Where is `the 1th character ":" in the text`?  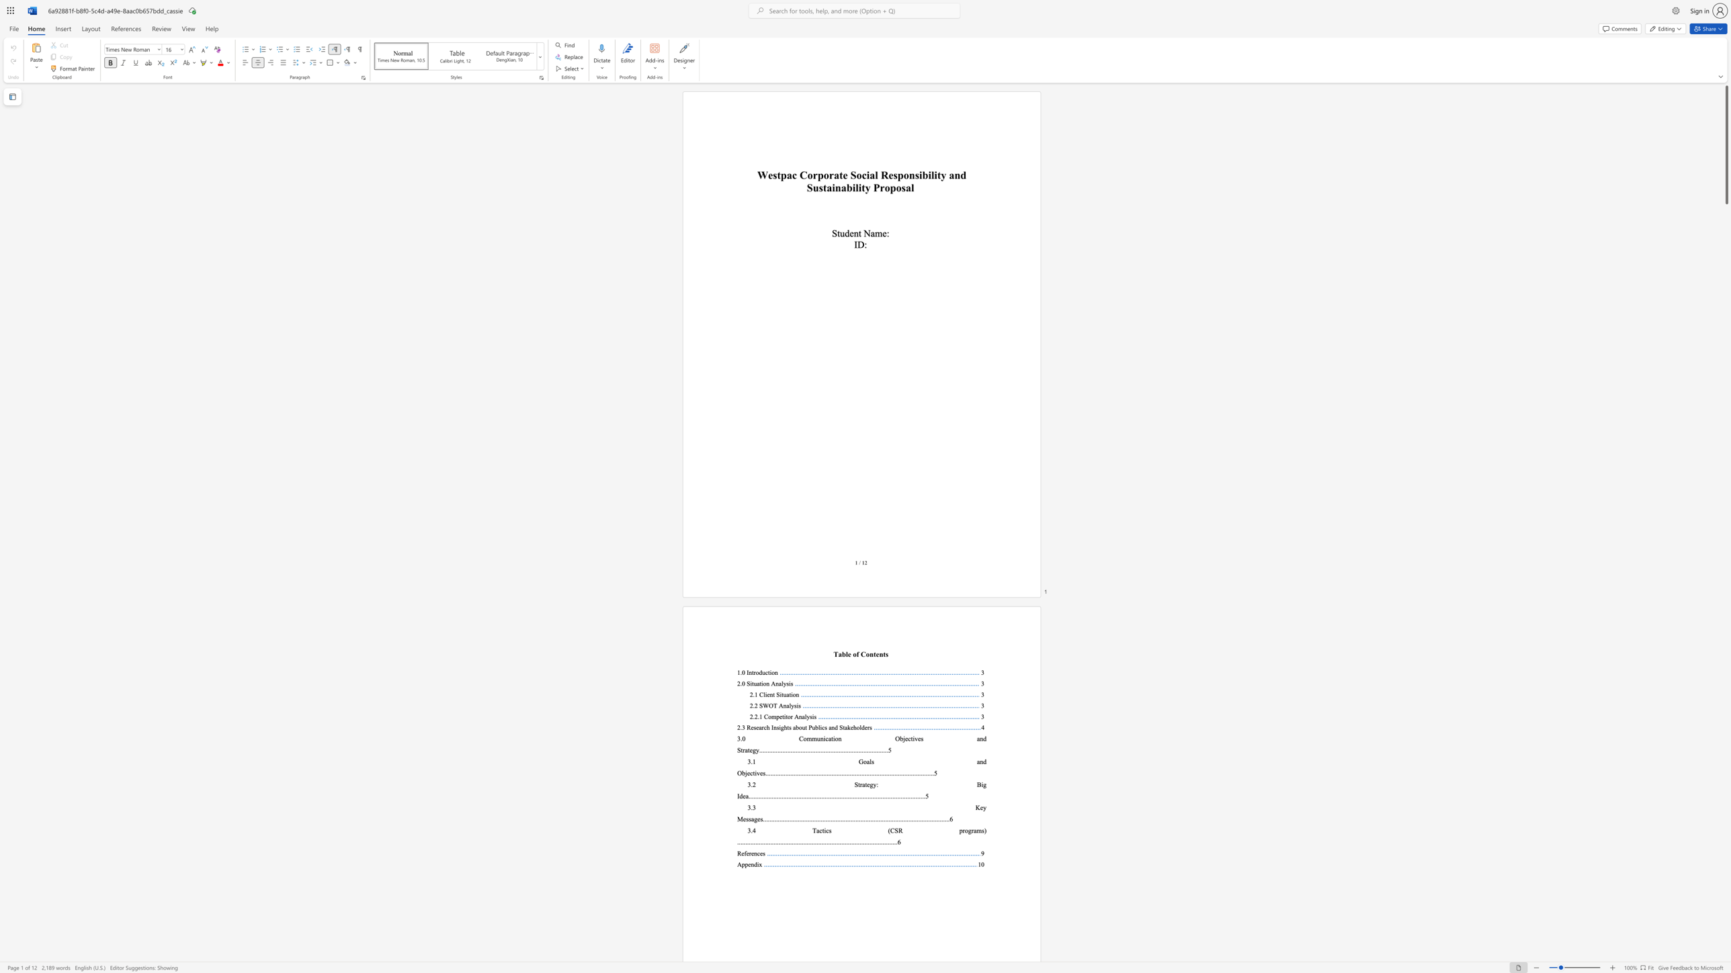
the 1th character ":" in the text is located at coordinates (877, 785).